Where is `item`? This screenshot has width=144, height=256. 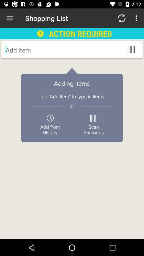
item is located at coordinates (48, 50).